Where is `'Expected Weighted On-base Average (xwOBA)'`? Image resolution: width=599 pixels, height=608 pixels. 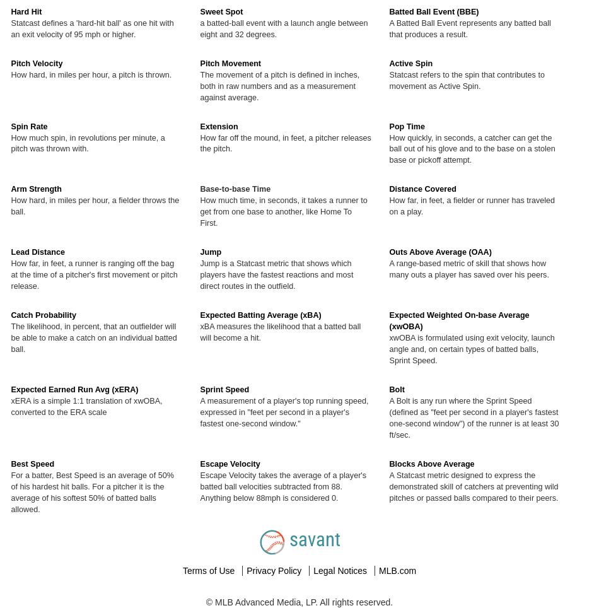
'Expected Weighted On-base Average (xwOBA)' is located at coordinates (458, 320).